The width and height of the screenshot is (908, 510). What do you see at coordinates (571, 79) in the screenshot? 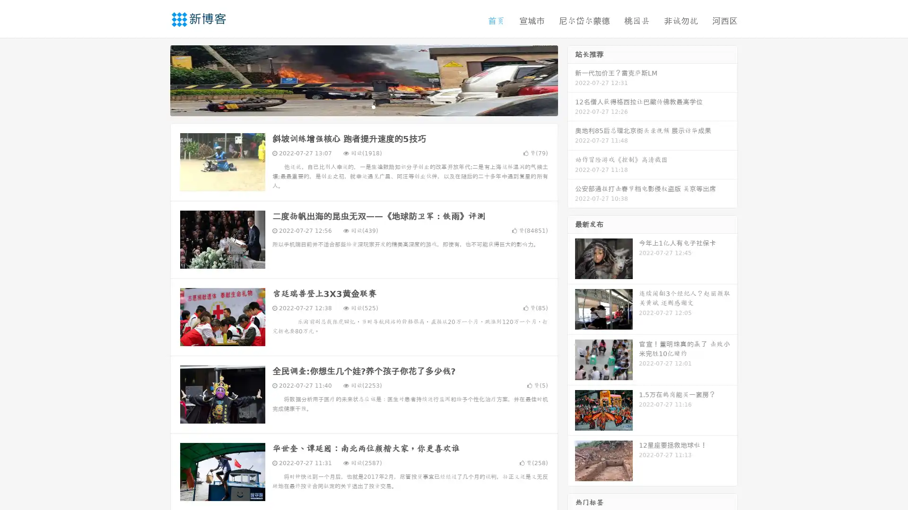
I see `Next slide` at bounding box center [571, 79].